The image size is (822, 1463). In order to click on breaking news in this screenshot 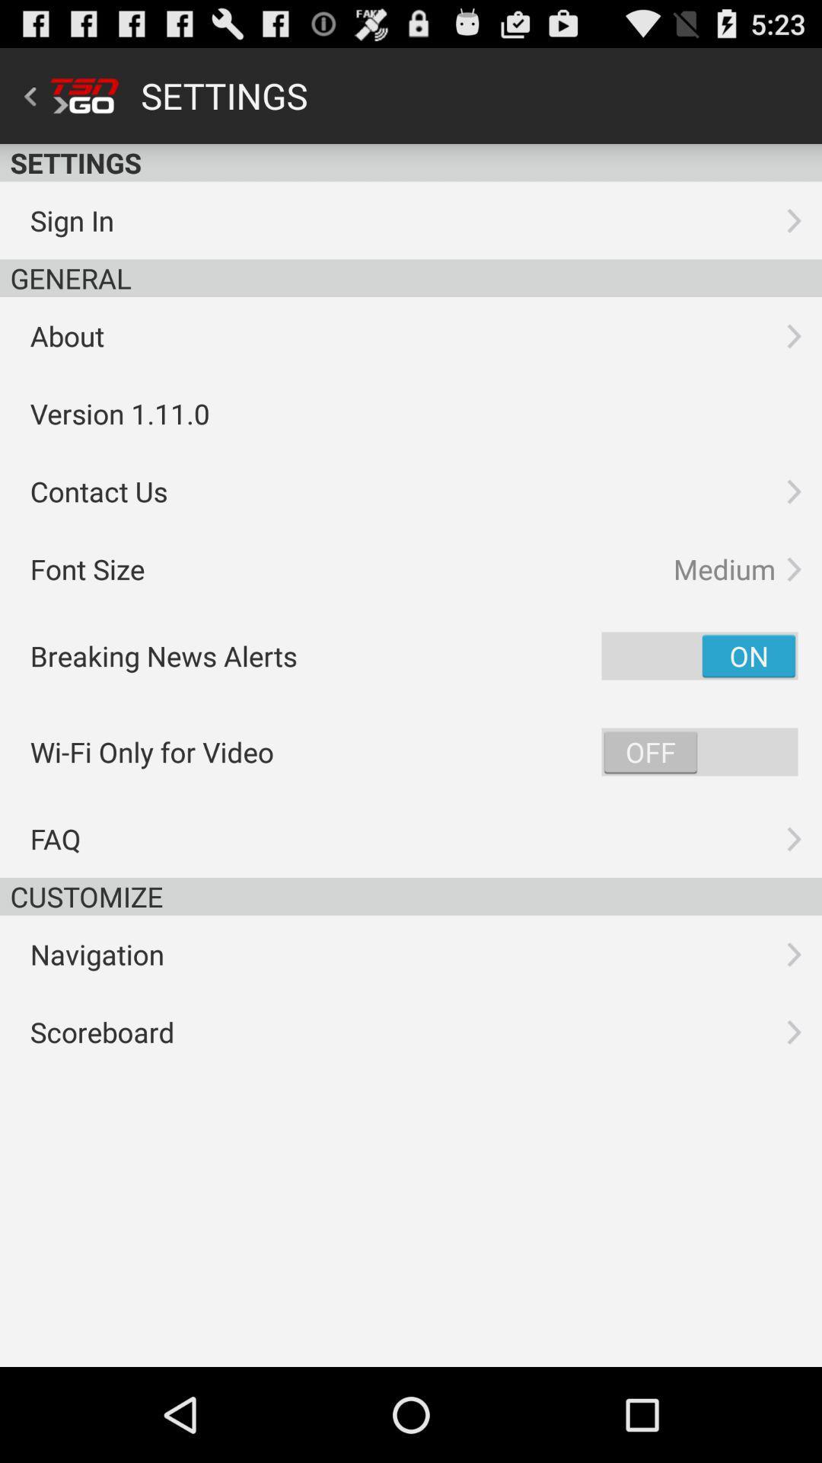, I will do `click(699, 655)`.